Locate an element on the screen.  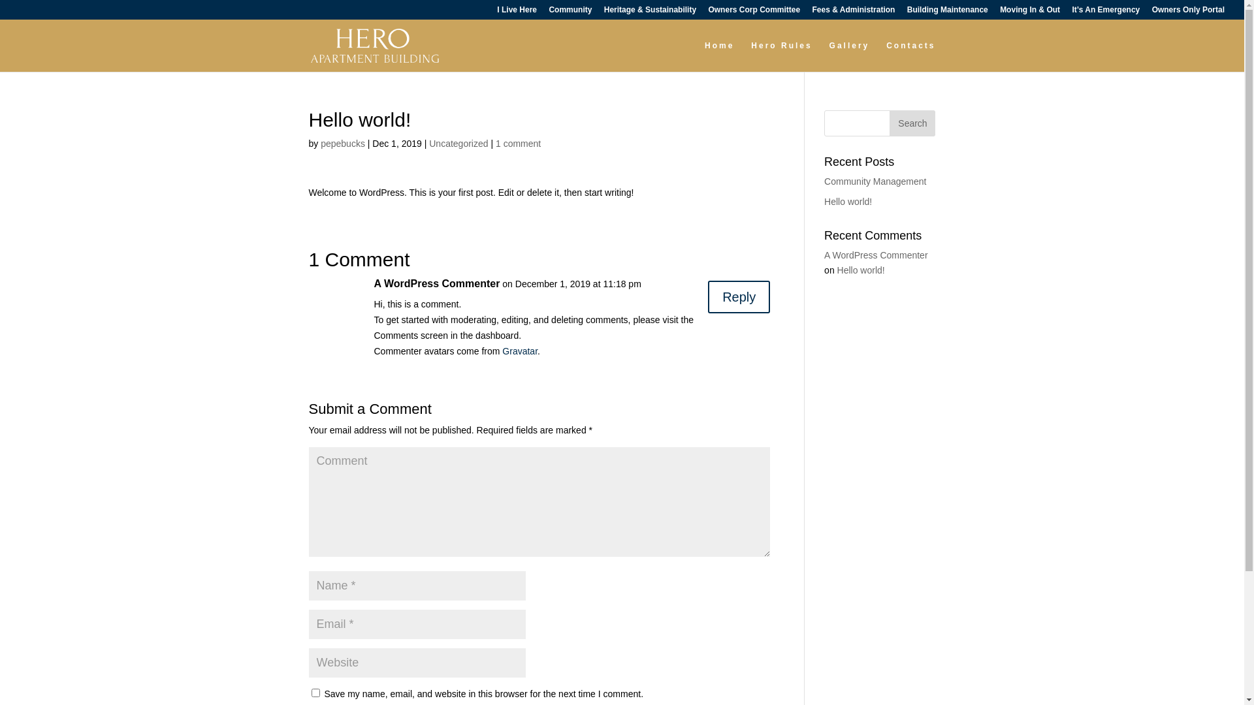
'Gallery' is located at coordinates (829, 55).